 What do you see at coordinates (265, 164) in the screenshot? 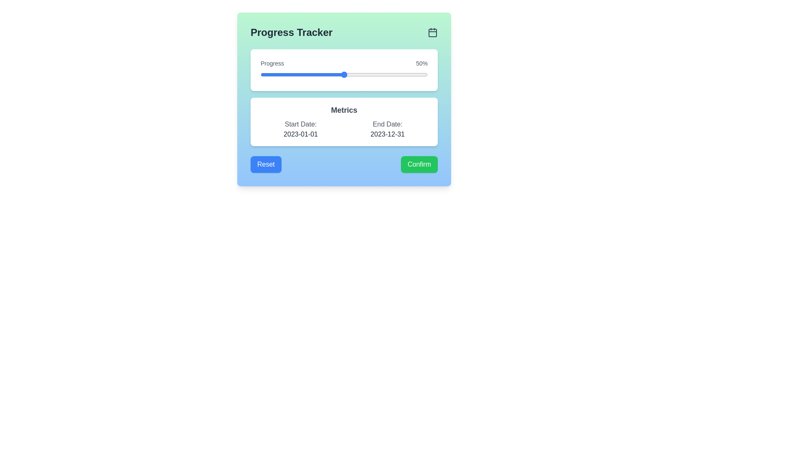
I see `the rectangular 'Reset' button with a blue background and white text to observe the background color change` at bounding box center [265, 164].